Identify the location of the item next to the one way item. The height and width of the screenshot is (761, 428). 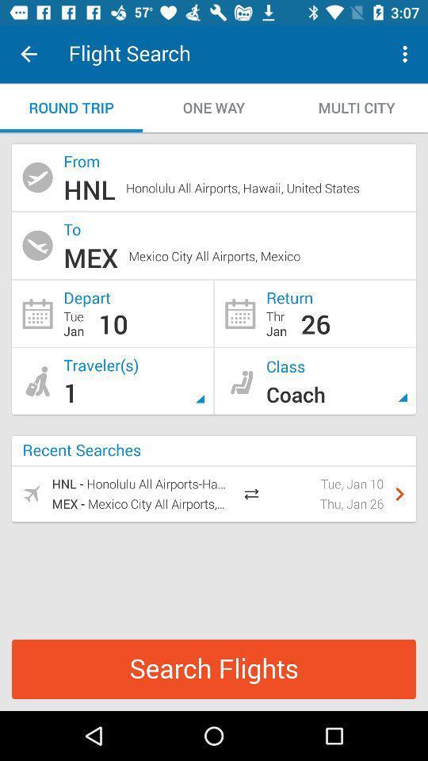
(71, 107).